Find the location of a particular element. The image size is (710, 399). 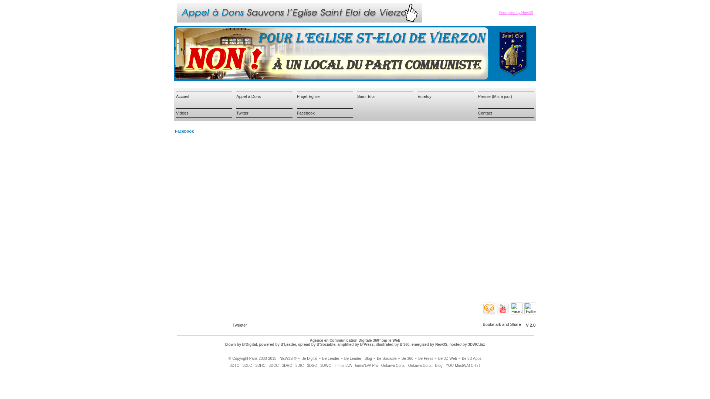

'Accueil' is located at coordinates (182, 95).